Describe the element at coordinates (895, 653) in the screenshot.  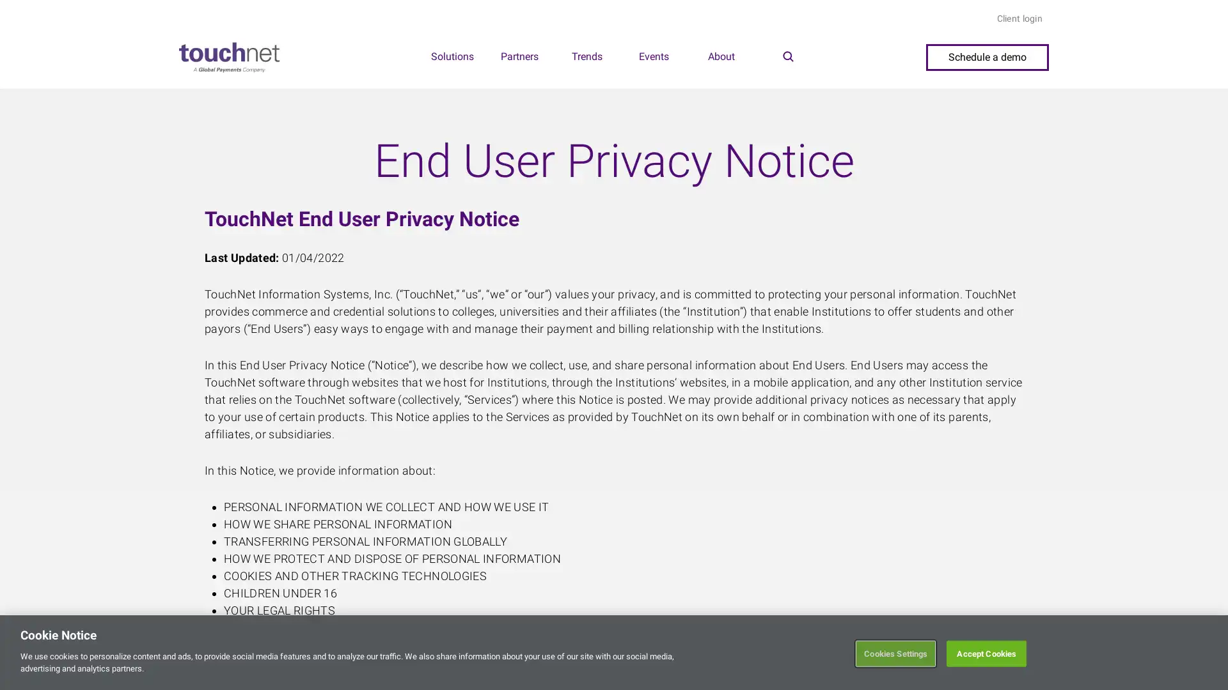
I see `Cookies Settings` at that location.